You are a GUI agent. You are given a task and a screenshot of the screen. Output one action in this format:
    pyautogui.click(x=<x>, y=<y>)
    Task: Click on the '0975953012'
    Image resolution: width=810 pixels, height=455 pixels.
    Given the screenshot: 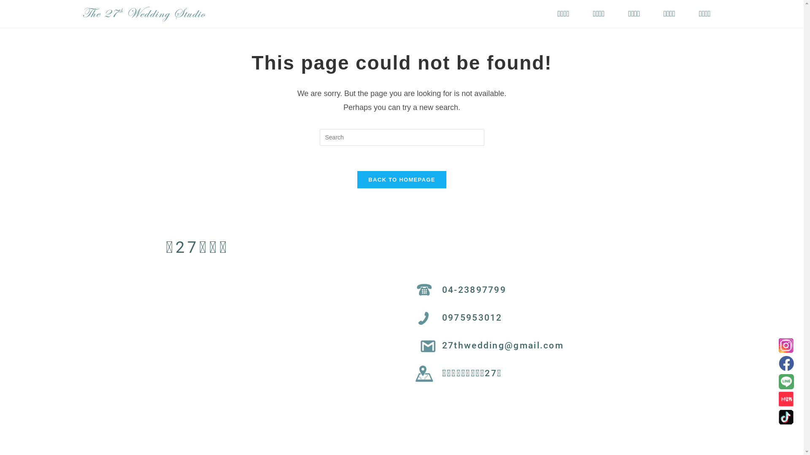 What is the action you would take?
    pyautogui.click(x=472, y=317)
    